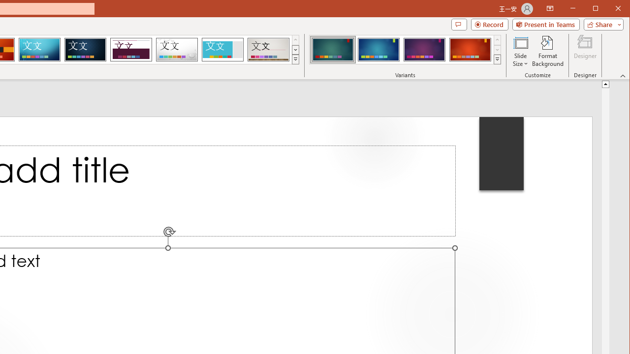 The width and height of the screenshot is (630, 354). I want to click on 'Themes', so click(295, 59).